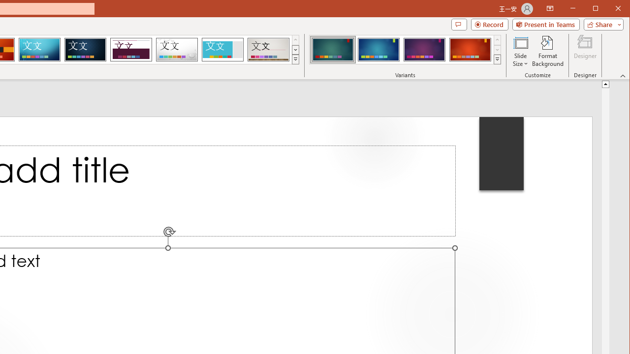 The width and height of the screenshot is (630, 354). I want to click on 'Themes', so click(295, 59).